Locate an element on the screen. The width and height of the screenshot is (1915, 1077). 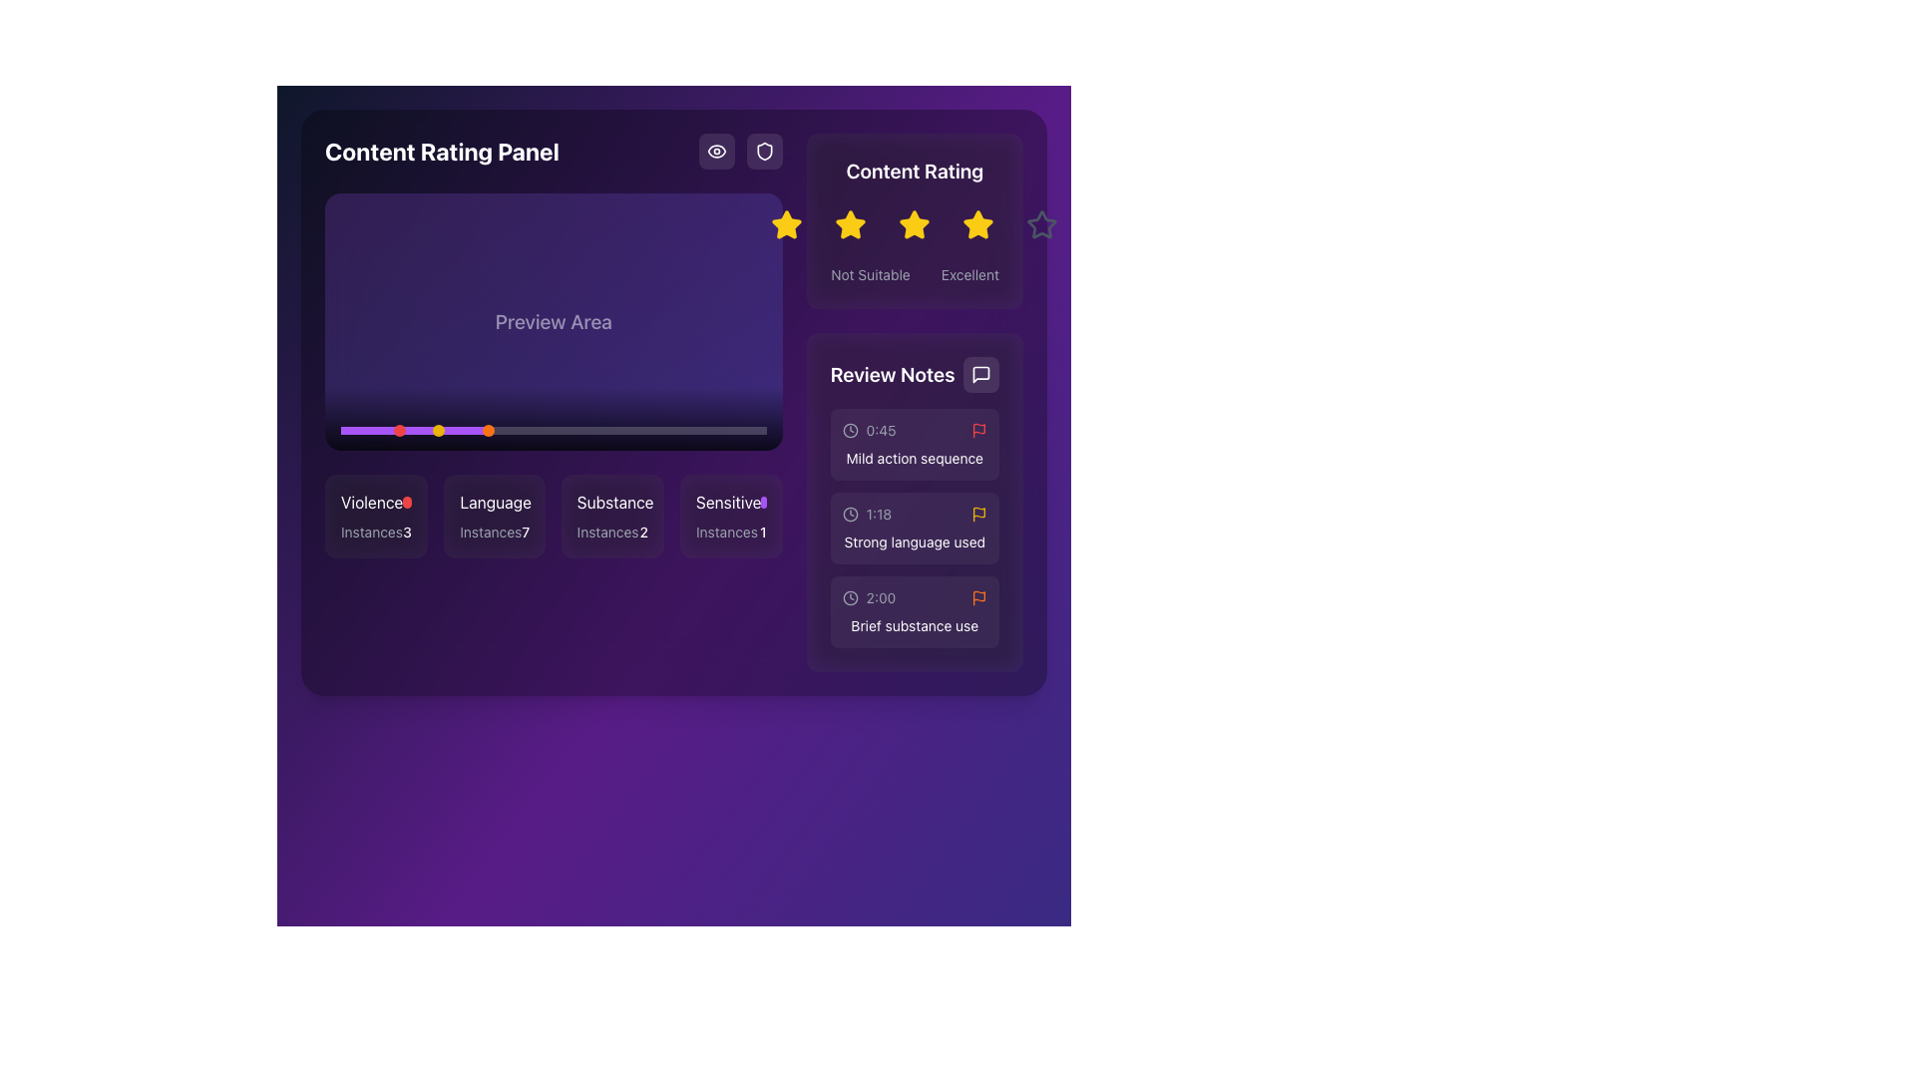
the shield icon in the top-right section of the Content Rating Panel is located at coordinates (739, 150).